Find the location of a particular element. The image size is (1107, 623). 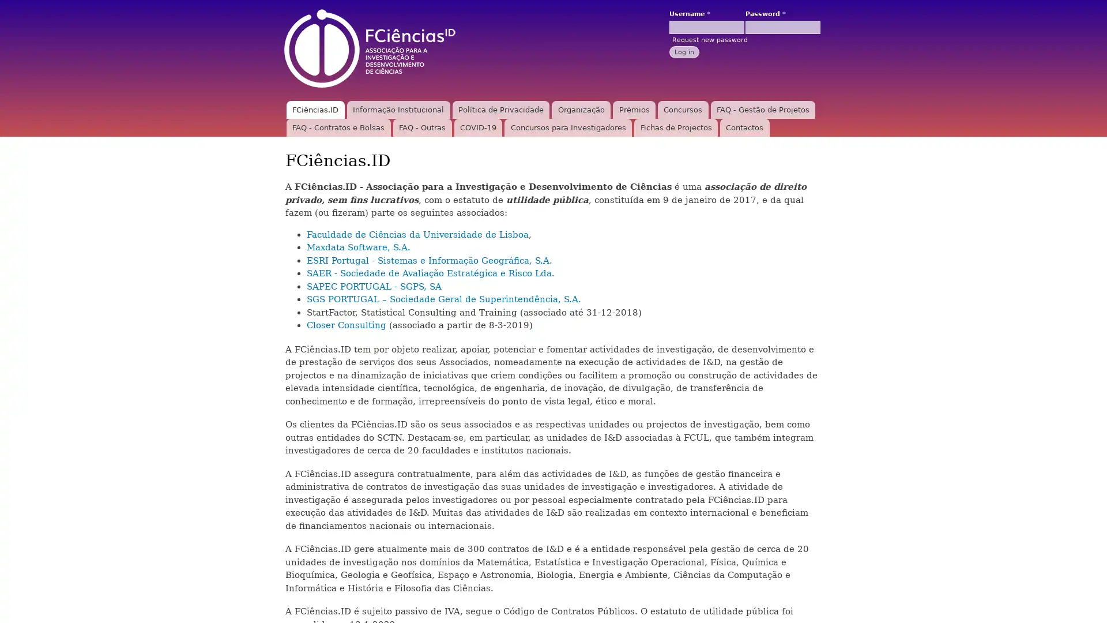

Log in is located at coordinates (684, 51).